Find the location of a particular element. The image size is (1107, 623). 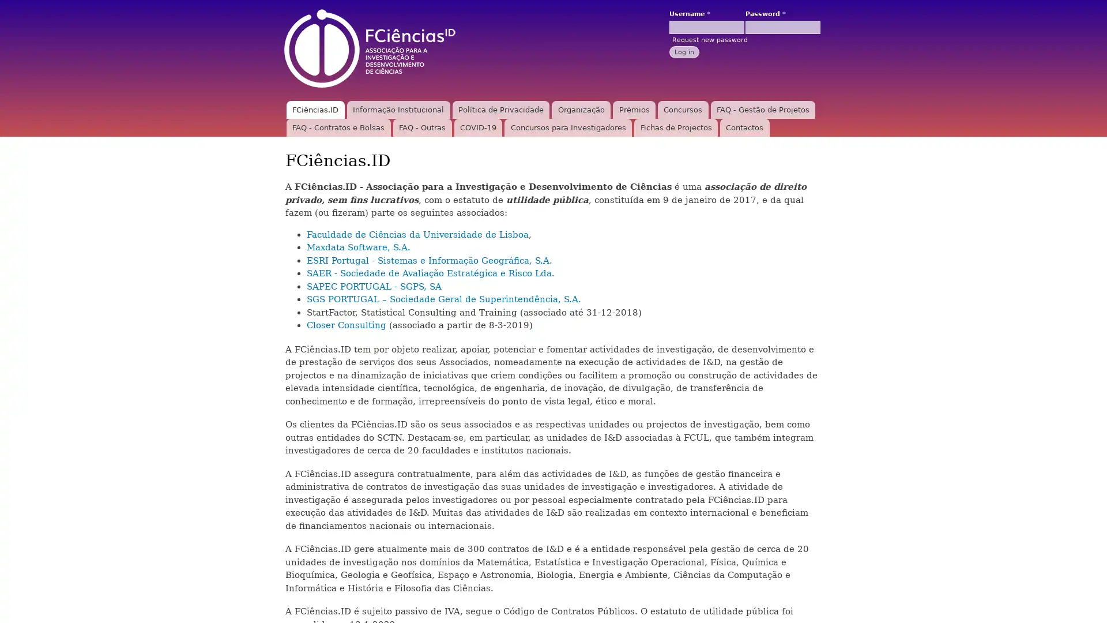

Log in is located at coordinates (684, 51).